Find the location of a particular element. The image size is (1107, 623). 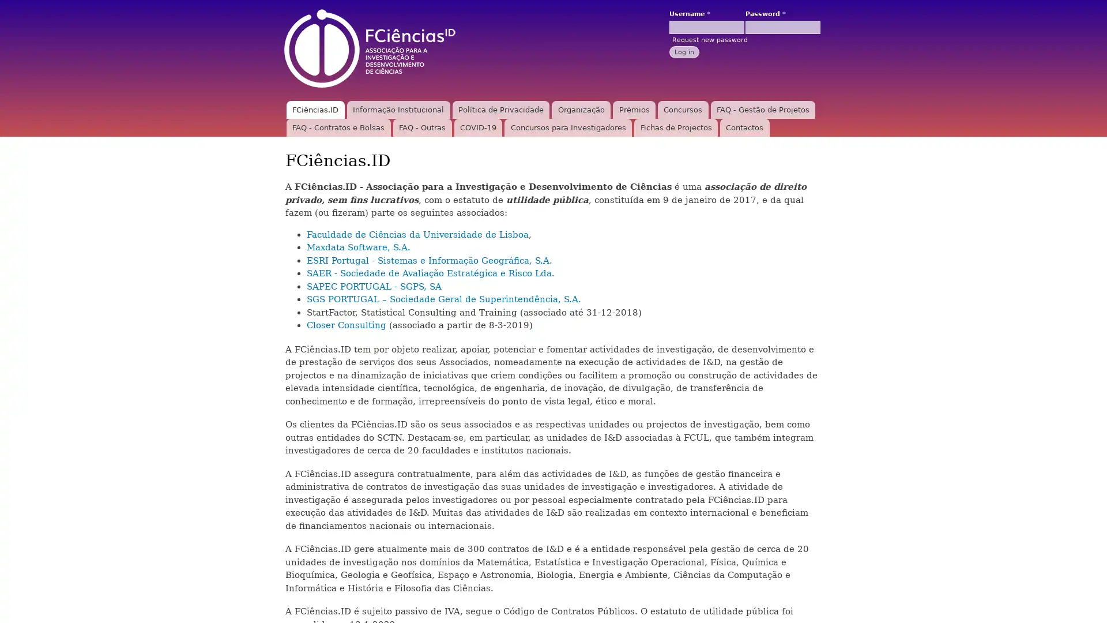

Log in is located at coordinates (684, 51).